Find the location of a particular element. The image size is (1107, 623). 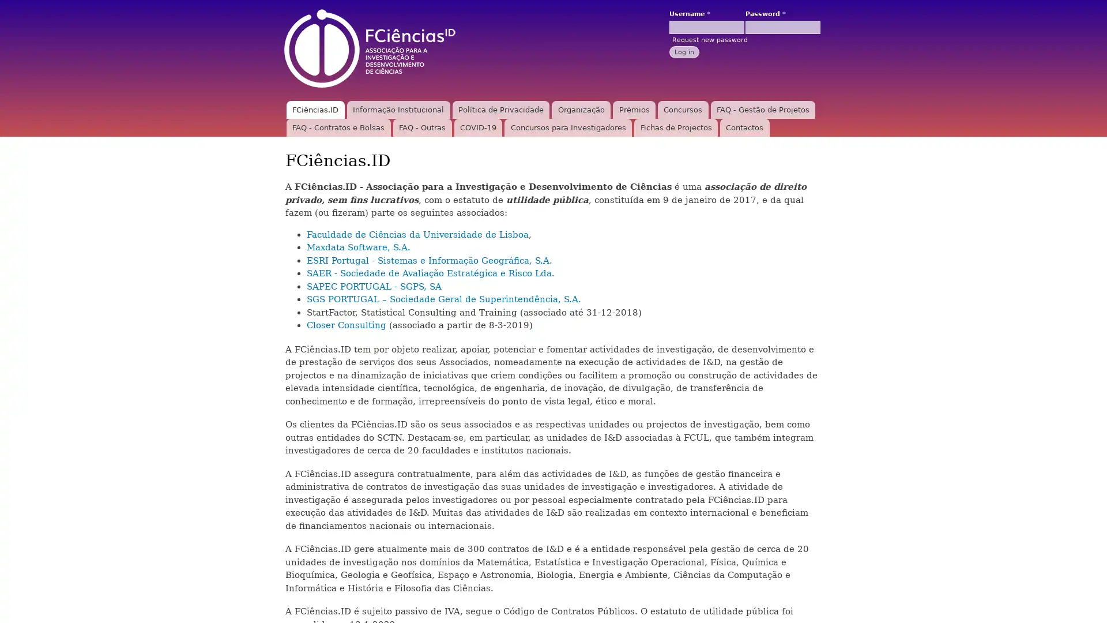

Log in is located at coordinates (684, 51).